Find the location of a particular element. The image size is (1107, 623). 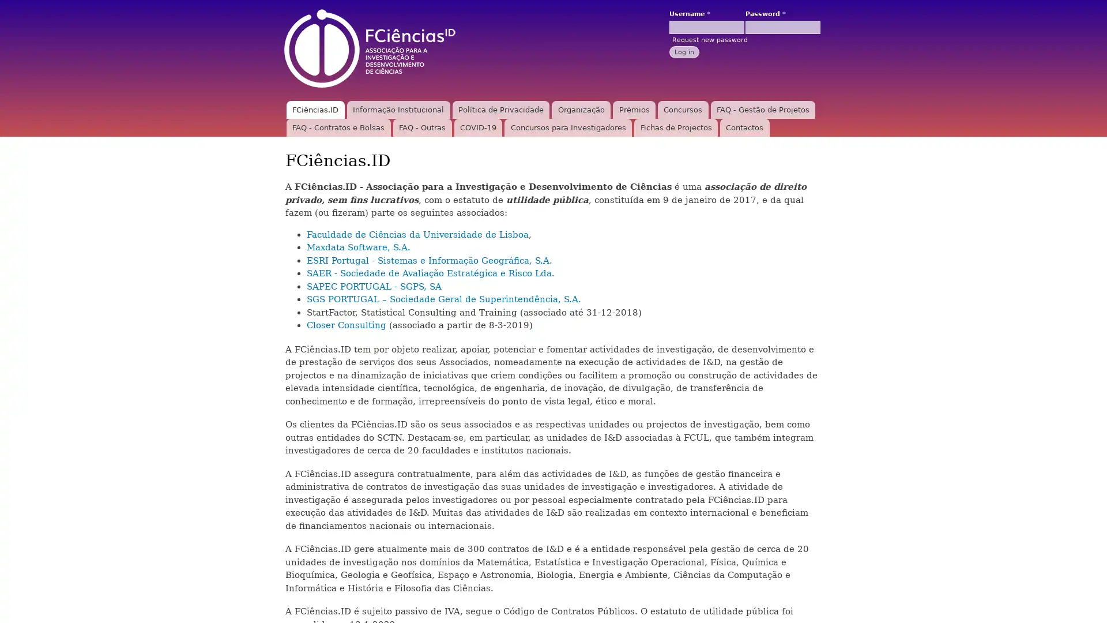

Log in is located at coordinates (684, 51).